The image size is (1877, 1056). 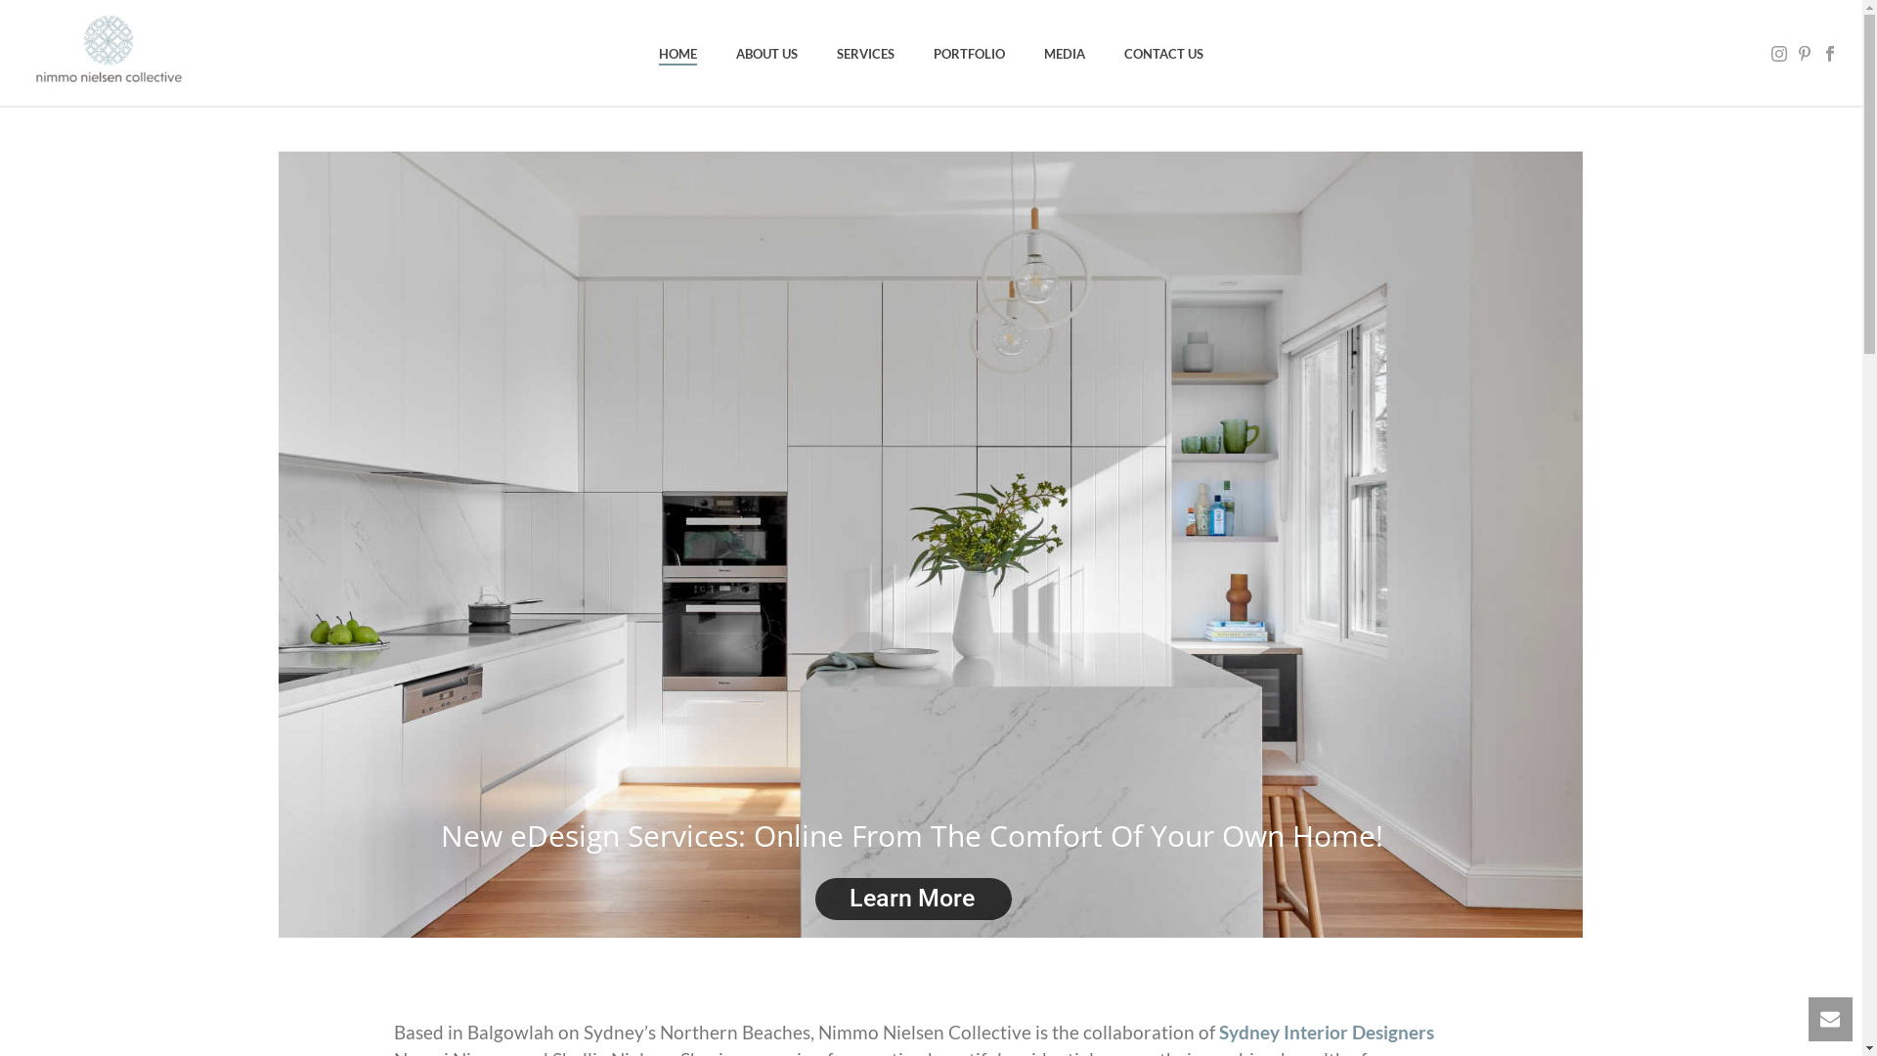 I want to click on 'PORTFOLIO', so click(x=969, y=52).